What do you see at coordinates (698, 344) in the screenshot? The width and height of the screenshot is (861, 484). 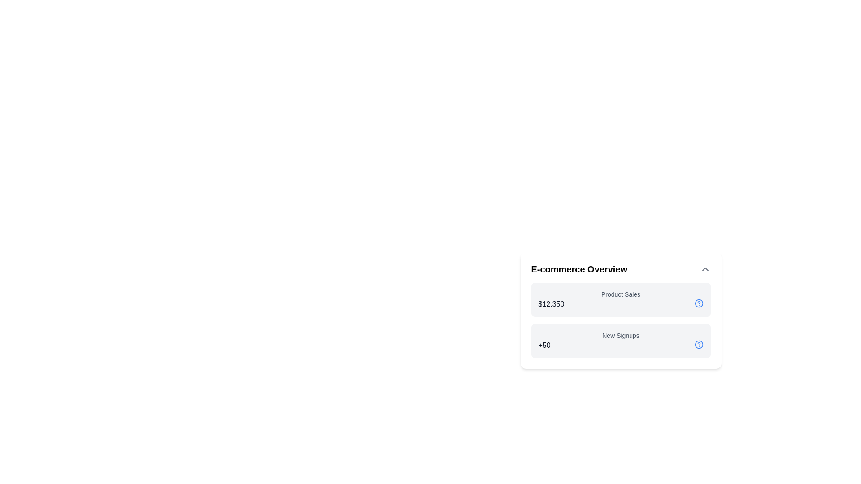 I see `the circular icon with a question mark, located in the 'E-commerce Overview' section, adjacent to the '+50' metric in the 'New Signups' row` at bounding box center [698, 344].